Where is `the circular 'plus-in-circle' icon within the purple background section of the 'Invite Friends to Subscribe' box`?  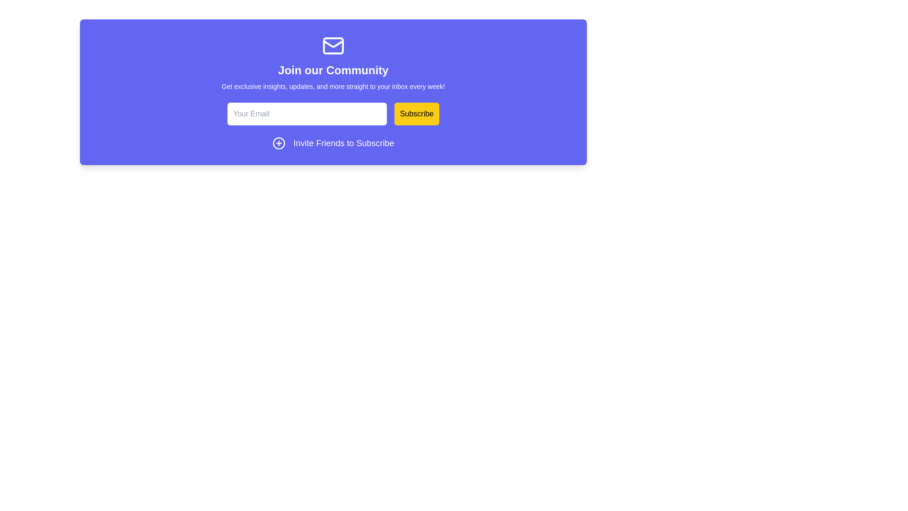
the circular 'plus-in-circle' icon within the purple background section of the 'Invite Friends to Subscribe' box is located at coordinates (279, 143).